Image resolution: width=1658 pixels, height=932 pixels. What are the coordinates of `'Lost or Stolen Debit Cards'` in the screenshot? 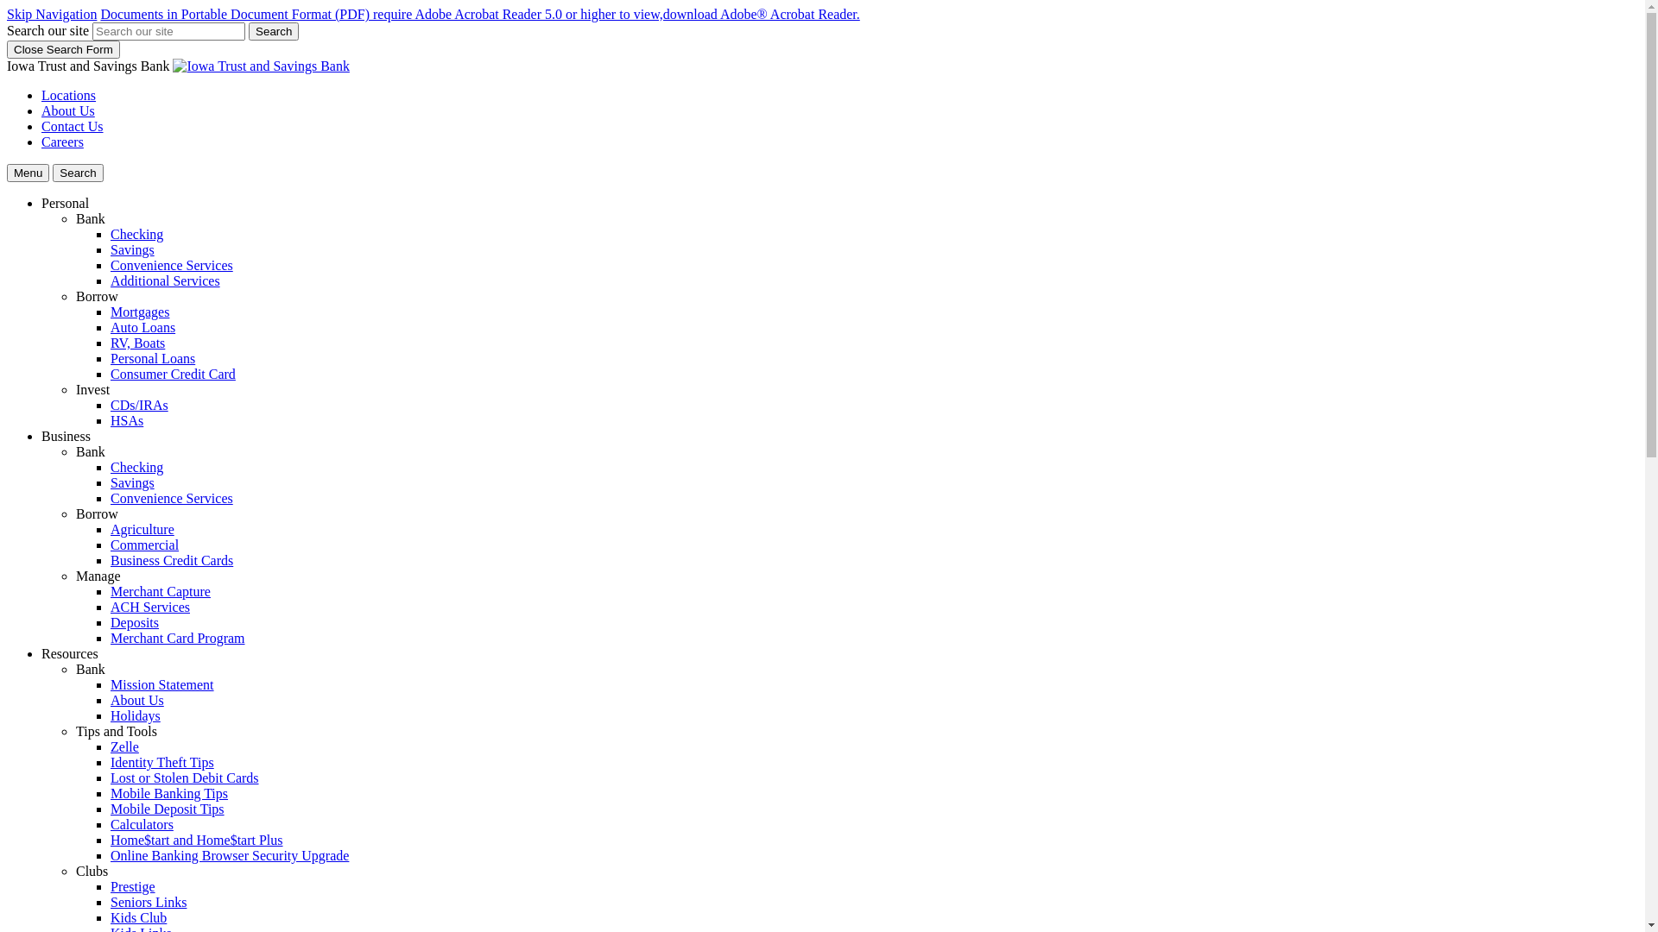 It's located at (185, 778).